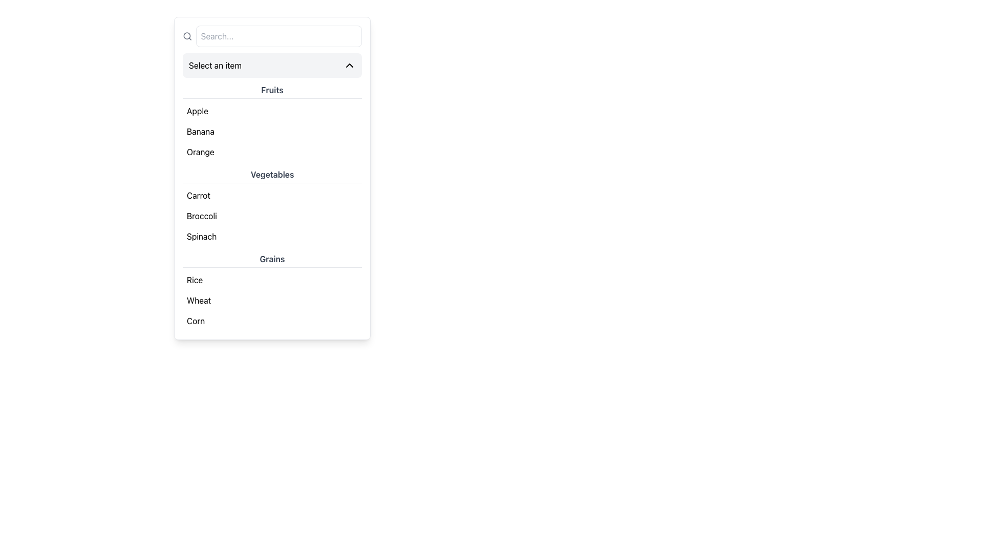 This screenshot has width=983, height=553. I want to click on the text 'Carrot' in the dropdown list under the 'Vegetables' category, so click(198, 195).